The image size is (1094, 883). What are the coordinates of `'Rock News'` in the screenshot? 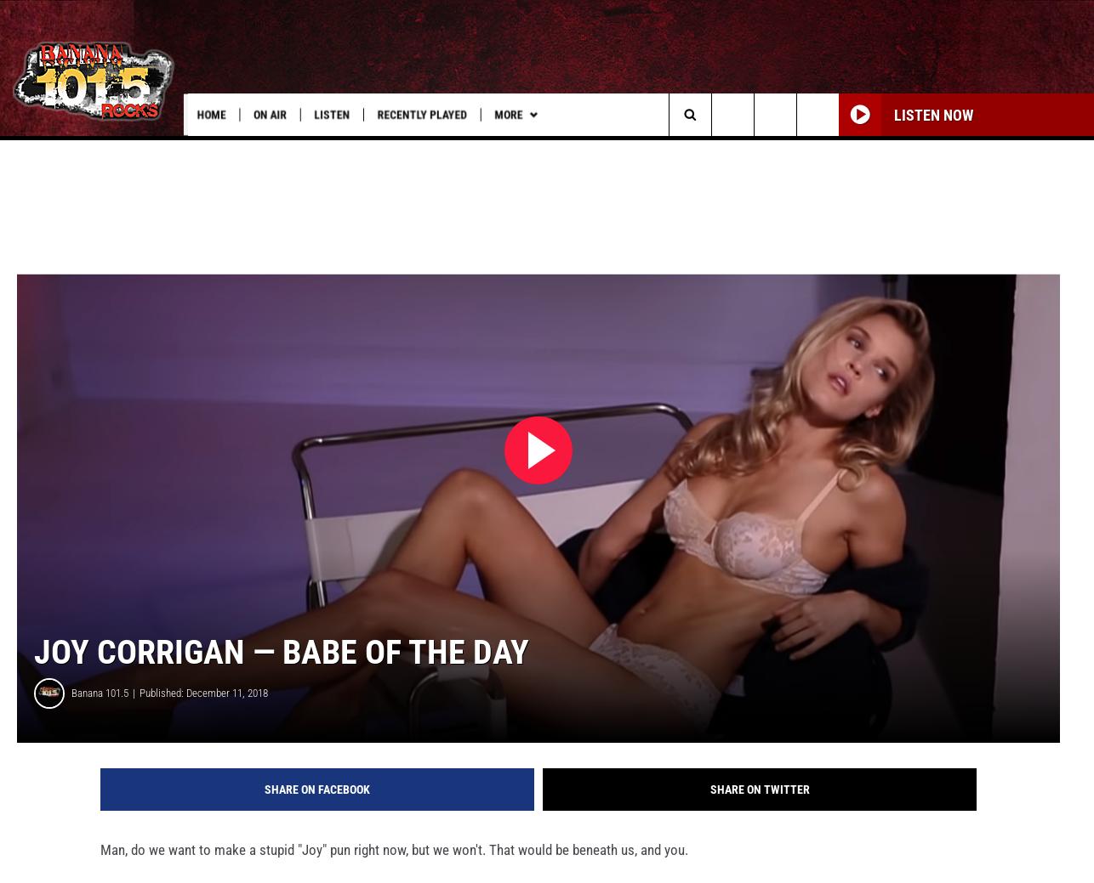 It's located at (670, 150).